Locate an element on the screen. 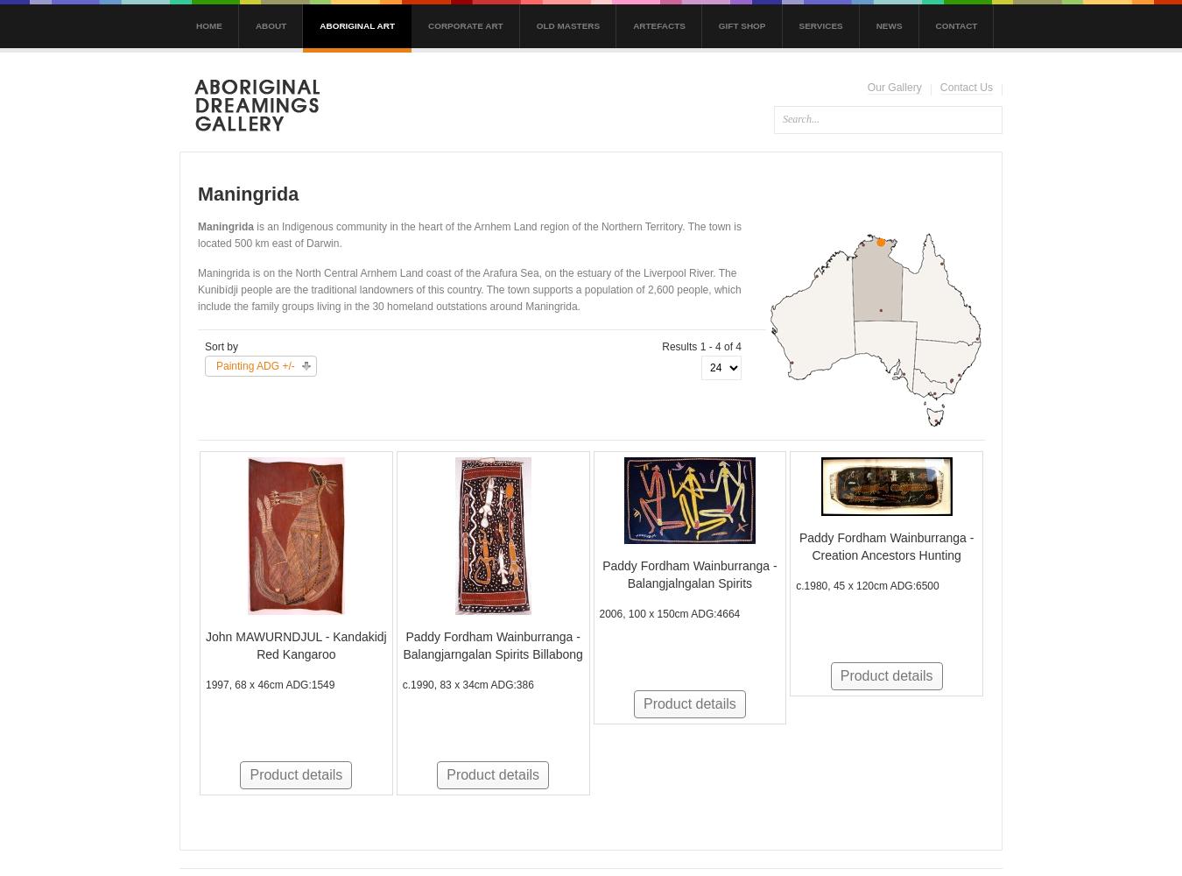 This screenshot has width=1182, height=876. '2006, 100 x 150cm ADG:4664' is located at coordinates (668, 612).